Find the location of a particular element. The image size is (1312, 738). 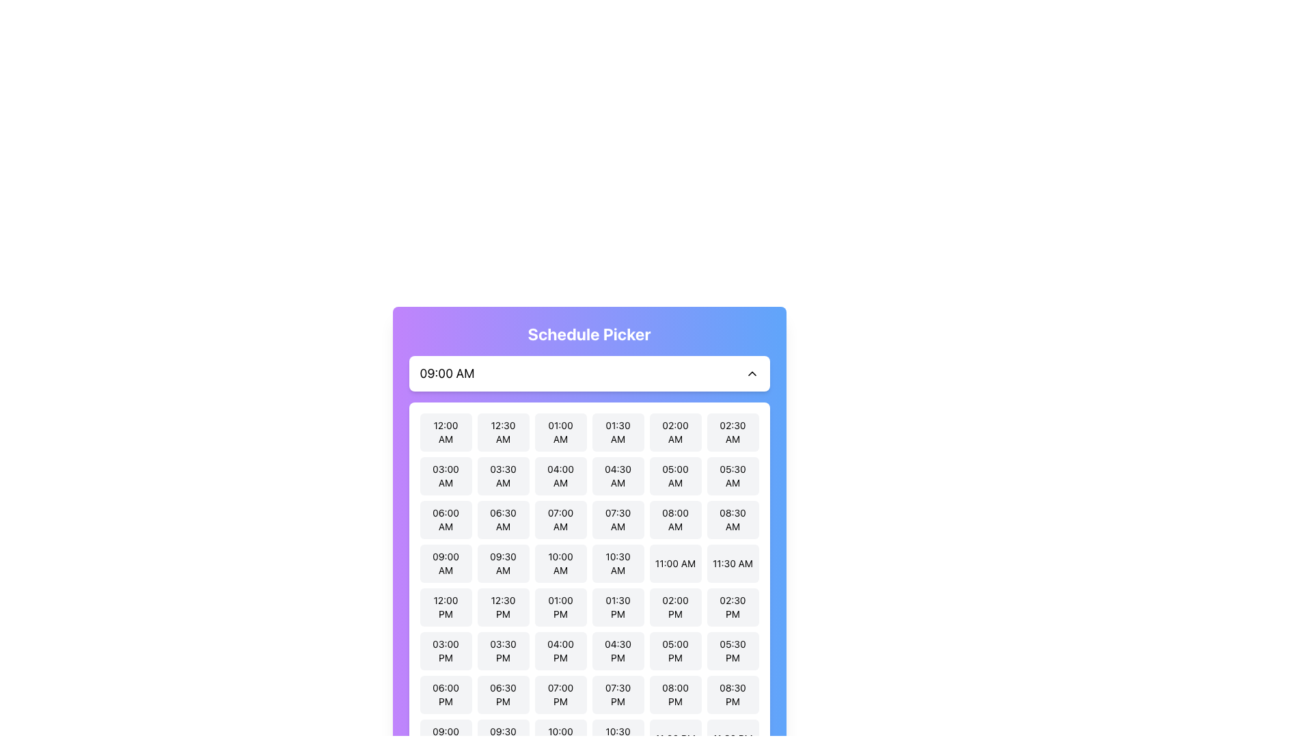

the selectable time option button labeled '06:00 AM' in the schedule picker is located at coordinates (446, 519).